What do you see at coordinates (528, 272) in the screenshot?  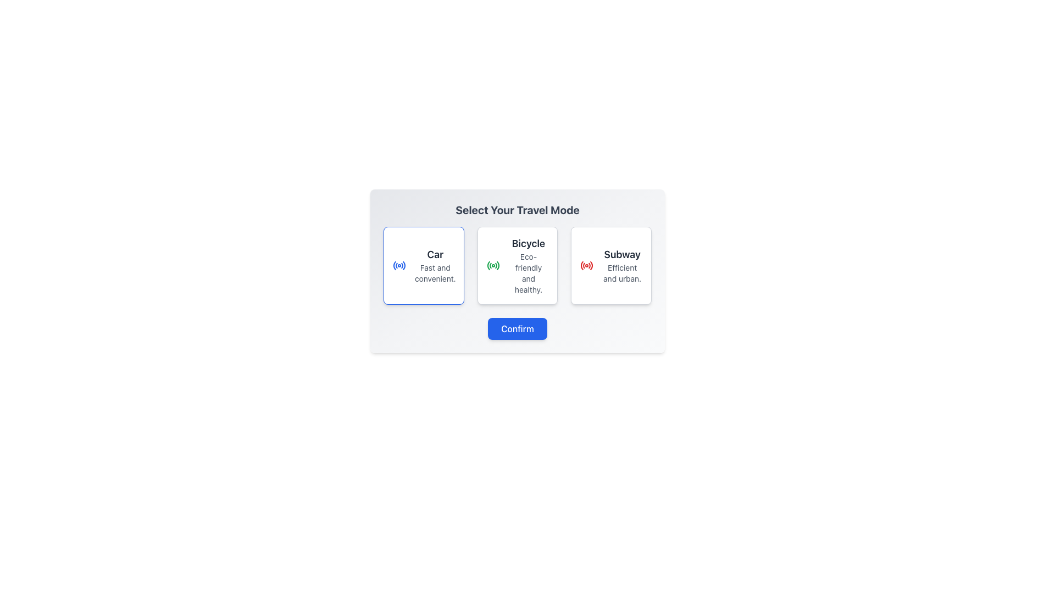 I see `text block containing the phrase 'Eco-friendly and healthy' which is styled in a smaller font and muted gray color, positioned below the 'Bicycle' text in the central card of a row of three cards` at bounding box center [528, 272].